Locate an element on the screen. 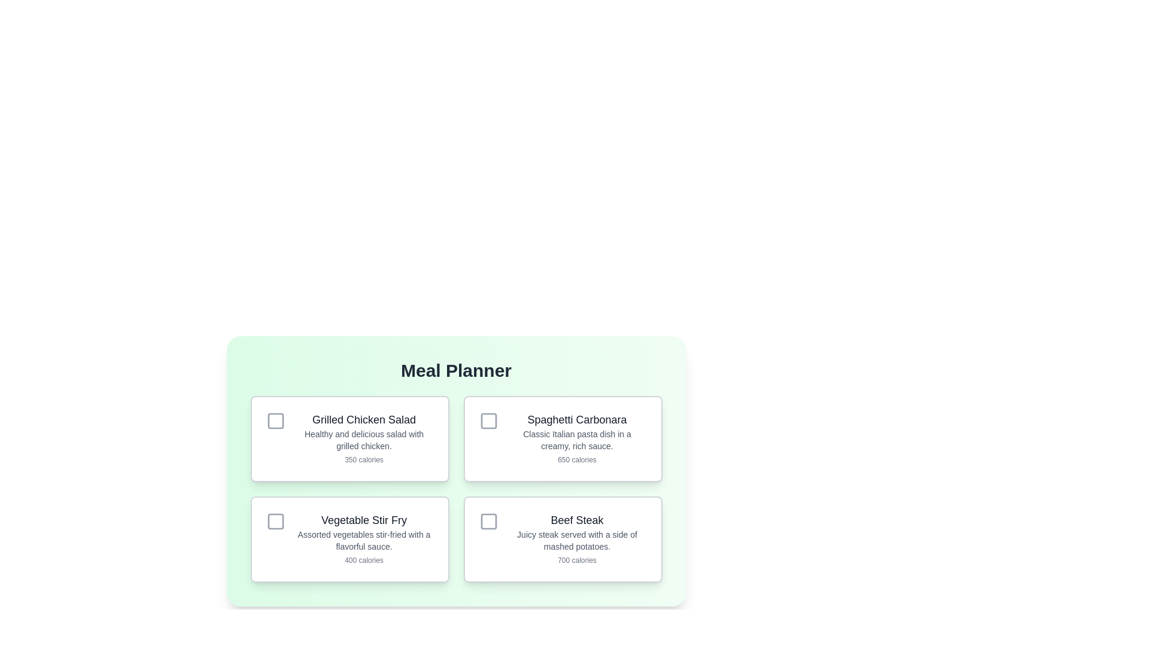  detailed description of the meal that appears below the 'Spaghetti Carbonara' title and above the '650 calories' label in the upper-right quadrant of the green 'Meal Planner' interface is located at coordinates (577, 440).